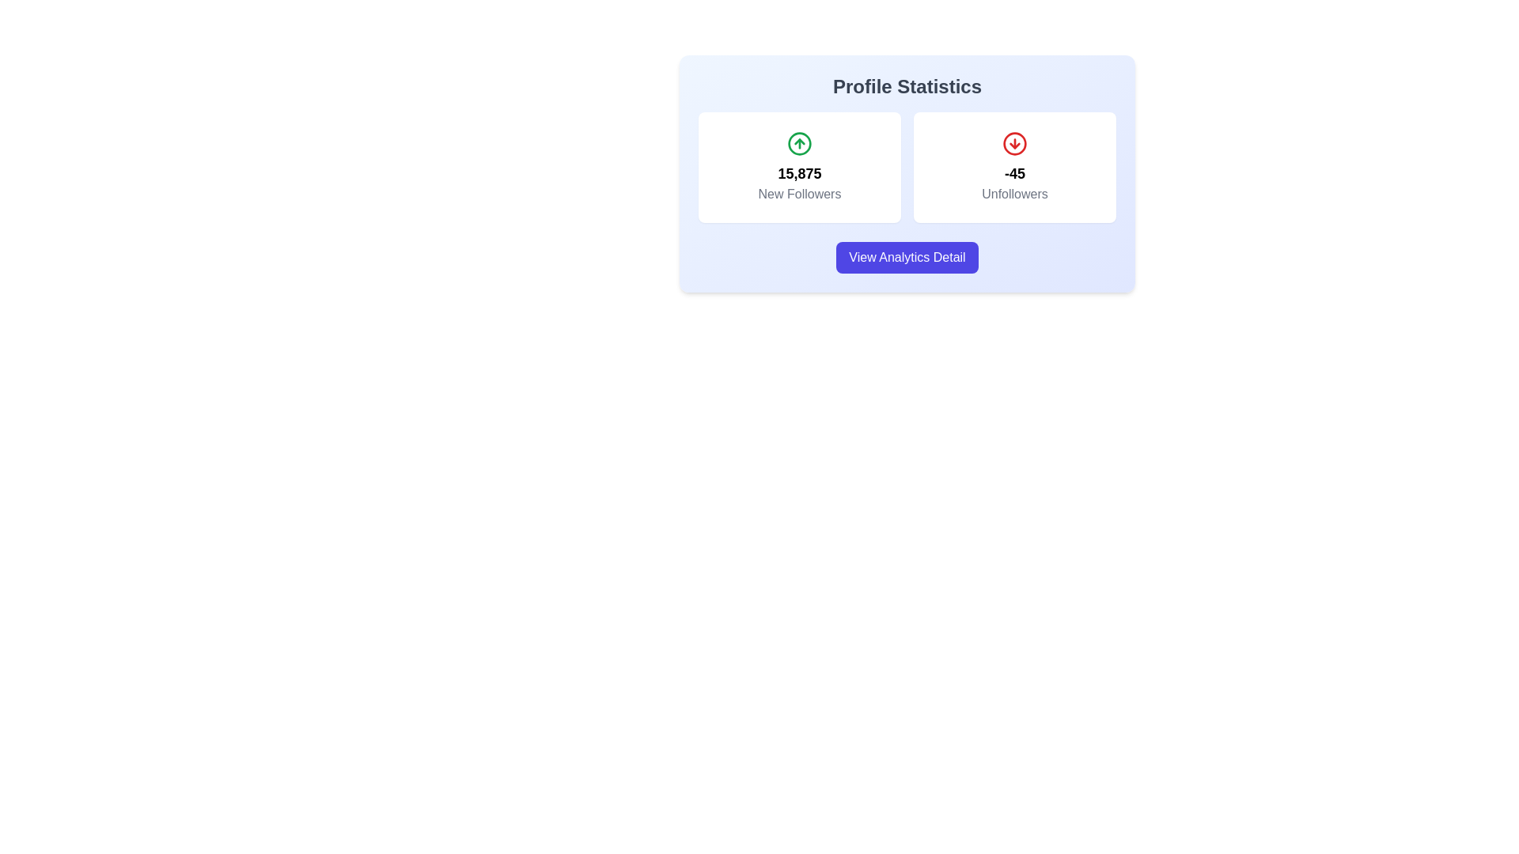 This screenshot has width=1519, height=854. I want to click on the button located at the bottom of the 'Profile Statistics' section, which is intended, so click(907, 257).